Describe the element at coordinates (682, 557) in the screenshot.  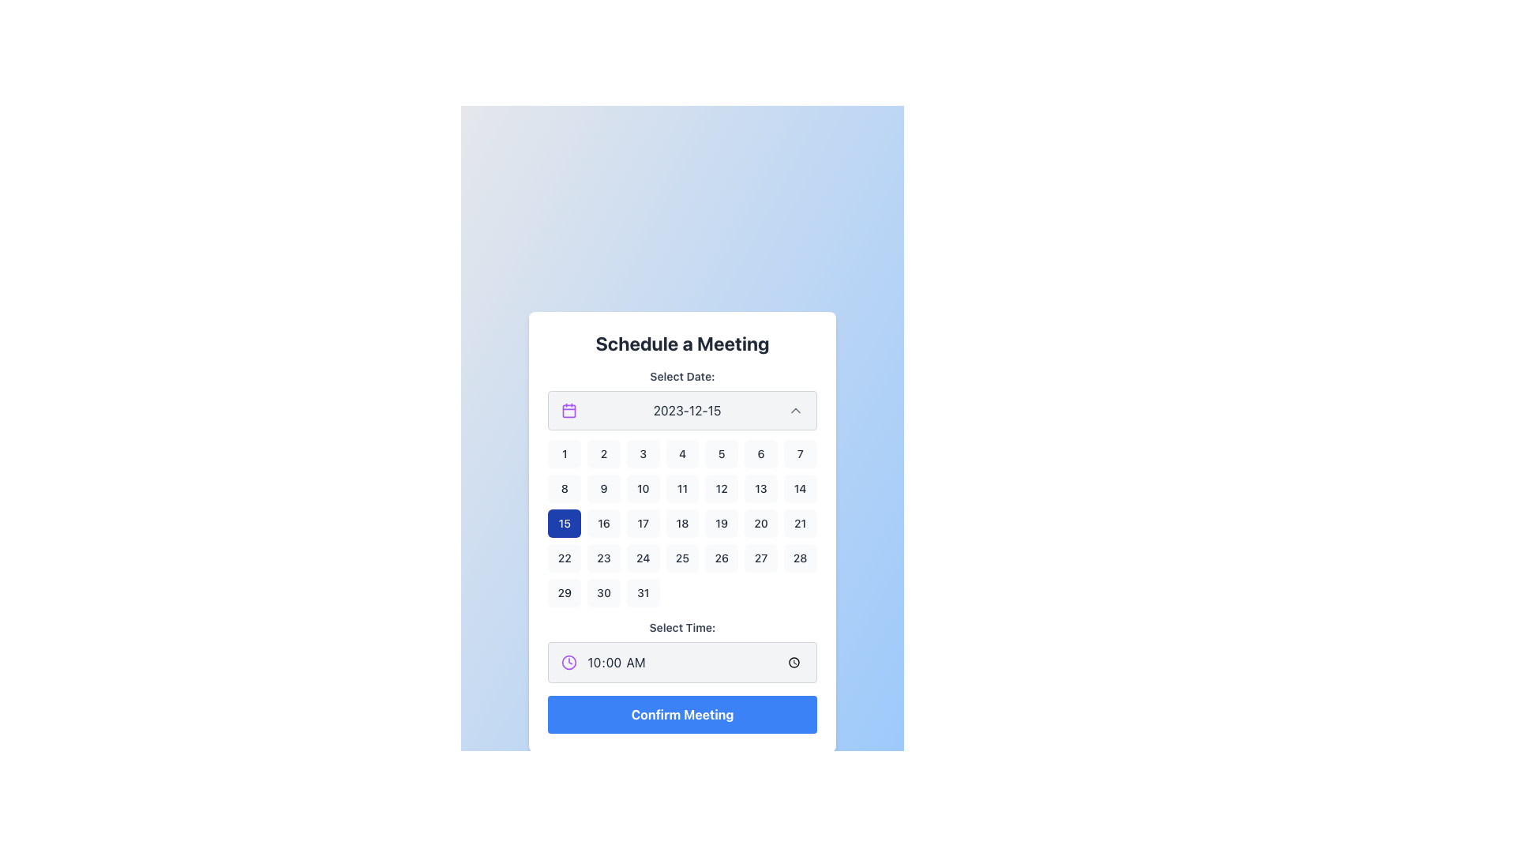
I see `the button in the fifth row and fourth column of the calendar grid` at that location.